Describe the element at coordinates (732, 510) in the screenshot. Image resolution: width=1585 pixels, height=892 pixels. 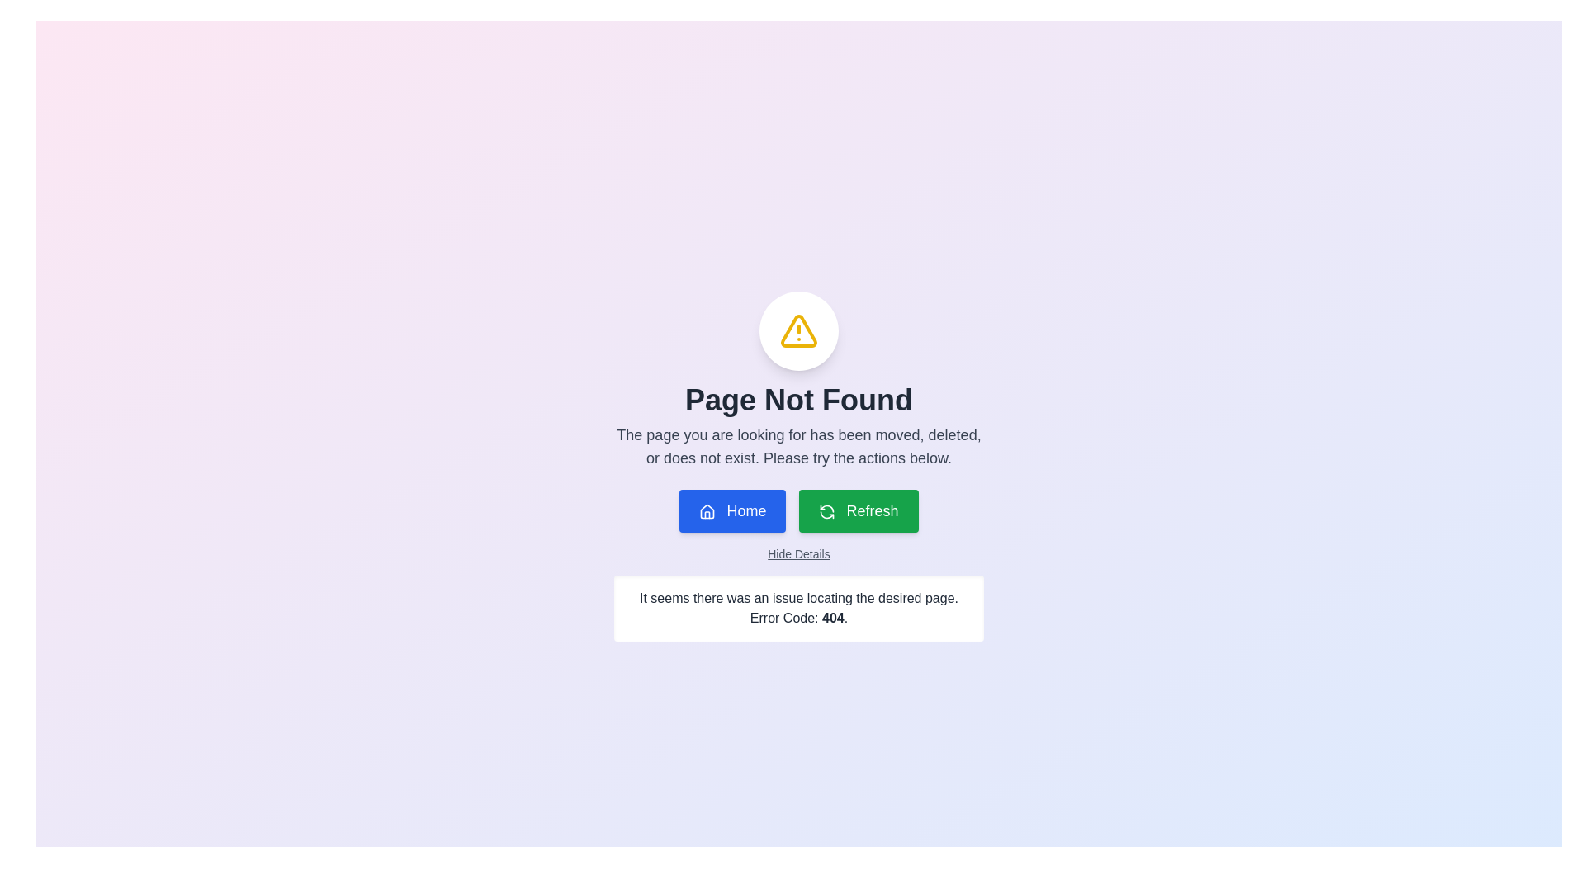
I see `the 'Home' button, which has a blue background, white text, and a house-shaped icon` at that location.